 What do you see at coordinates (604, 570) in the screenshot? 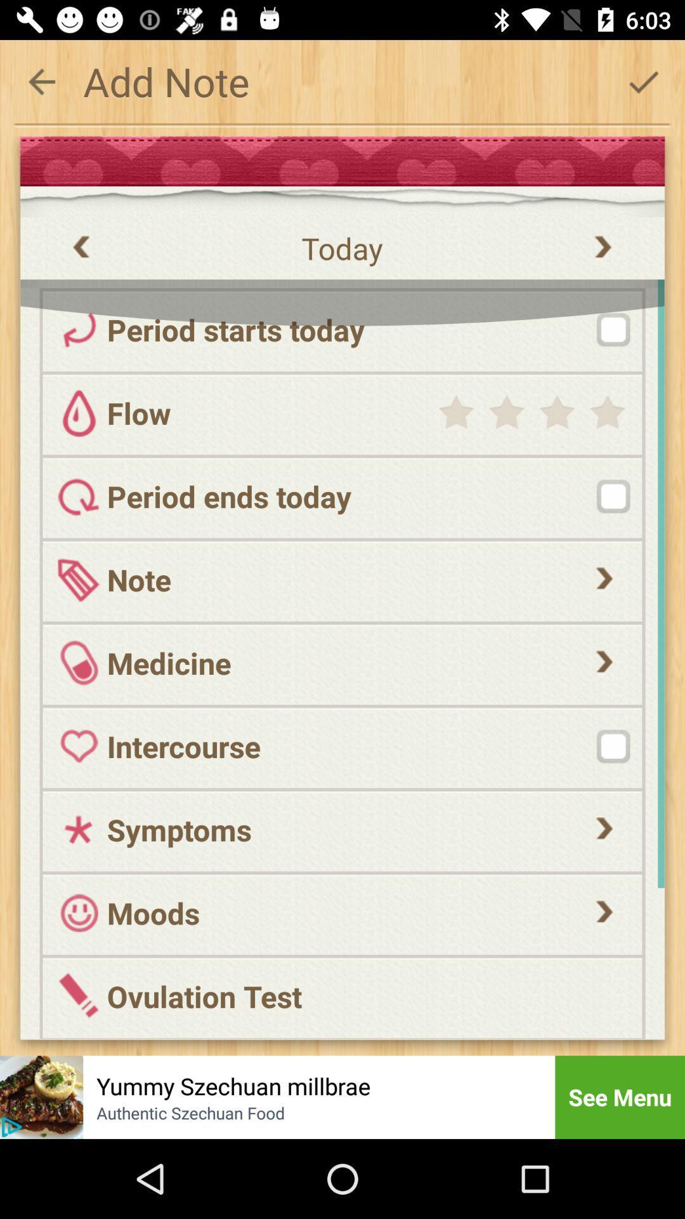
I see `the arrow_forward icon` at bounding box center [604, 570].